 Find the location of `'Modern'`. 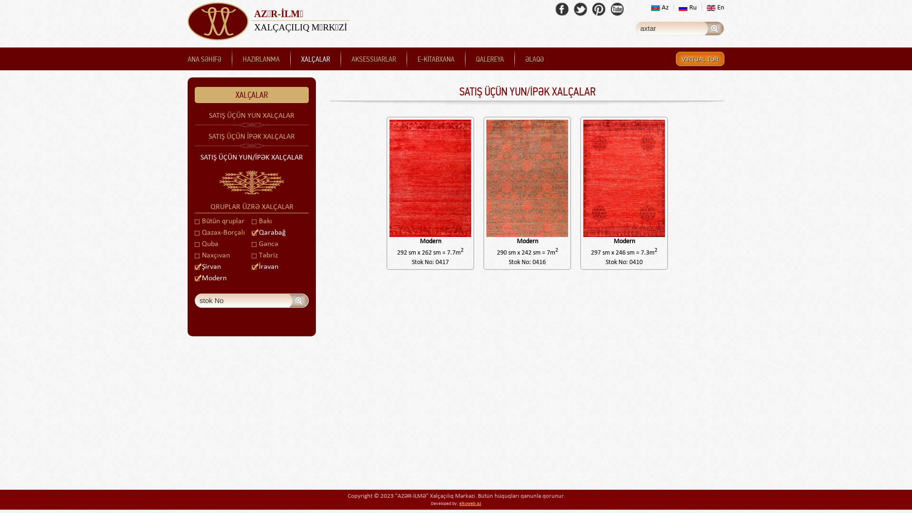

'Modern' is located at coordinates (526, 193).